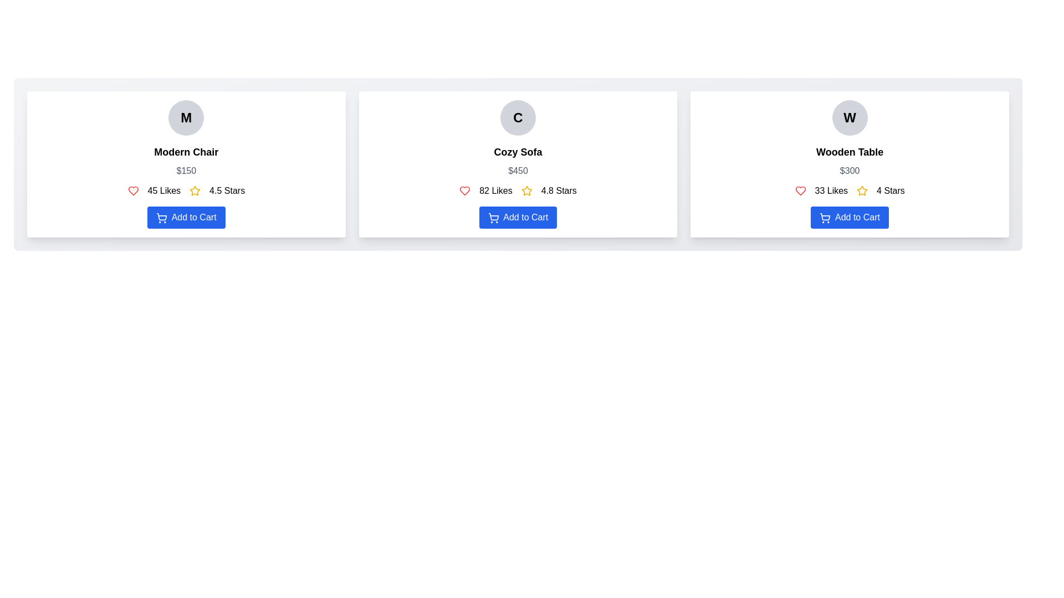 The width and height of the screenshot is (1064, 598). Describe the element at coordinates (559, 190) in the screenshot. I see `average user rating displayed in the second product card's text display, located underneath the product title and price, to understand the product's evaluation` at that location.